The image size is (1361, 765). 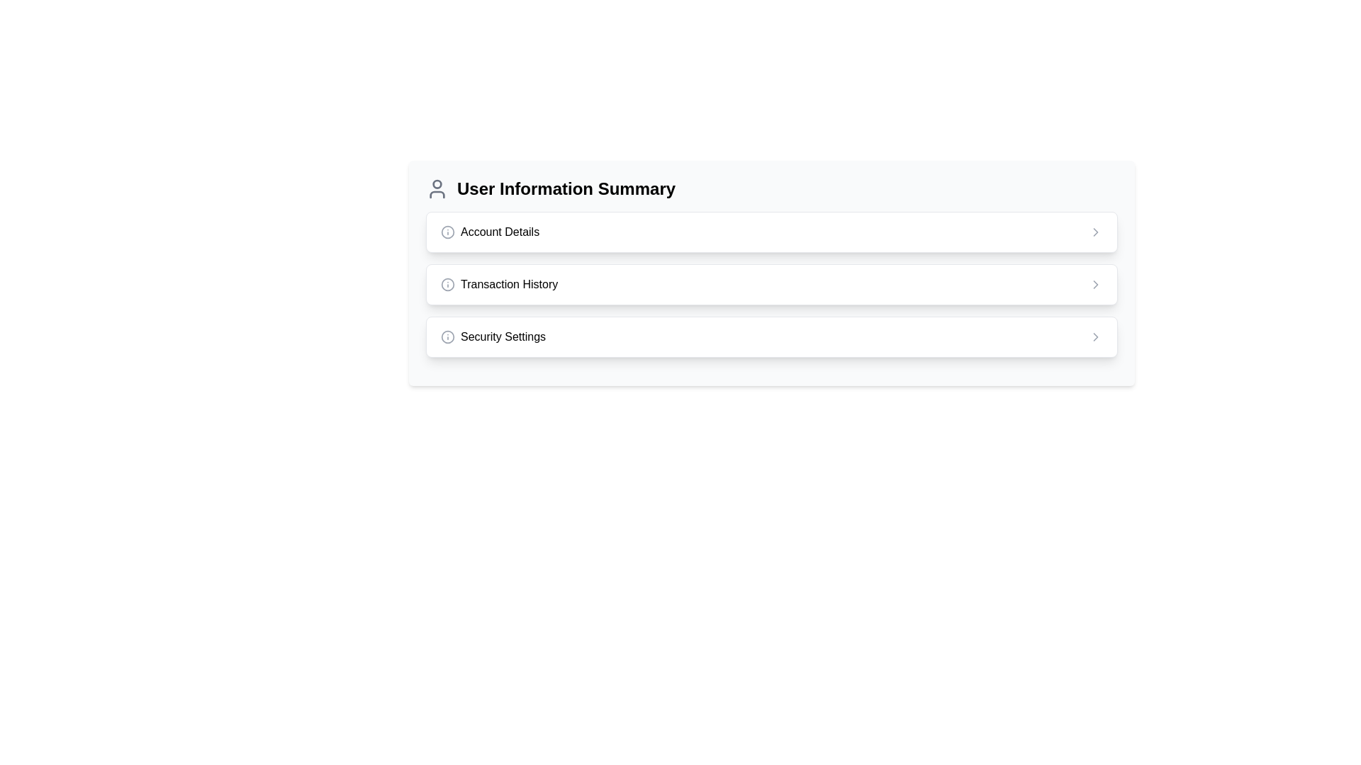 I want to click on the chevron icon located at the right end of the 'Transaction History' section, so click(x=1094, y=284).